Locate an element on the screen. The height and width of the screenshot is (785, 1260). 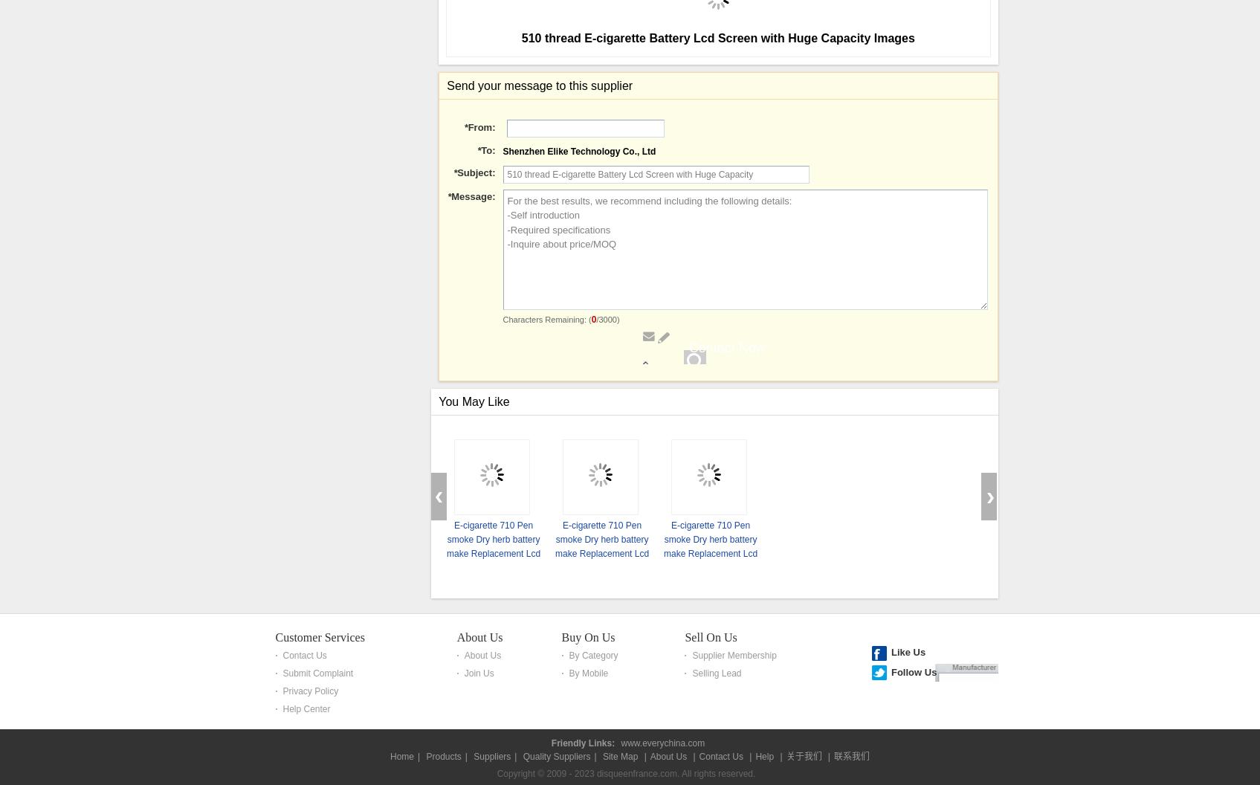
'/3000)' is located at coordinates (596, 740).